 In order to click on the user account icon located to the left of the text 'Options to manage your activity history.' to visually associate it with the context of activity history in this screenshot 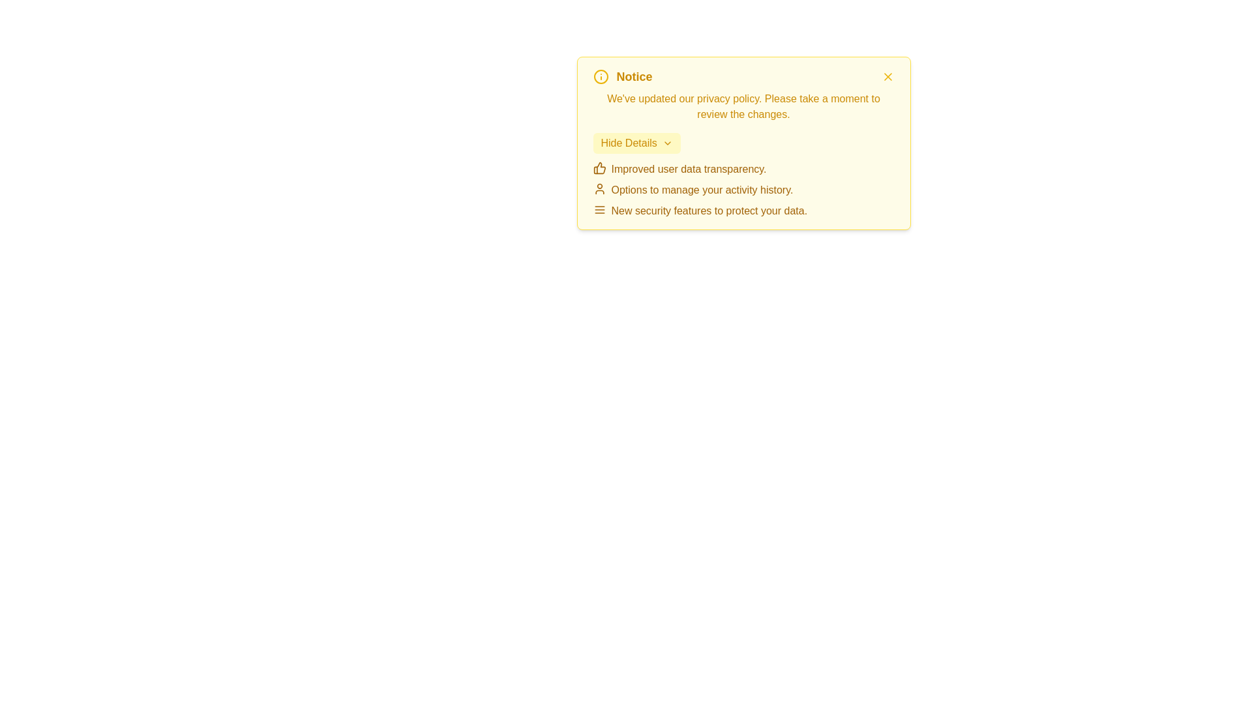, I will do `click(599, 188)`.